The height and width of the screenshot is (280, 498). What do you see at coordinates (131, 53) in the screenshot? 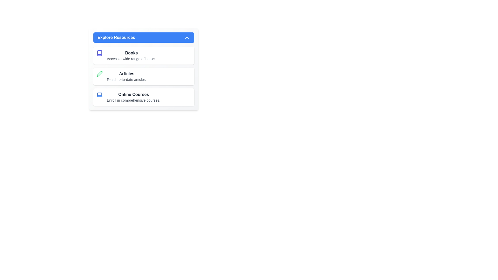
I see `the Text Label (Header) for the 'Books' resource category, which is positioned above the description 'Access a wide range of books.'` at bounding box center [131, 53].